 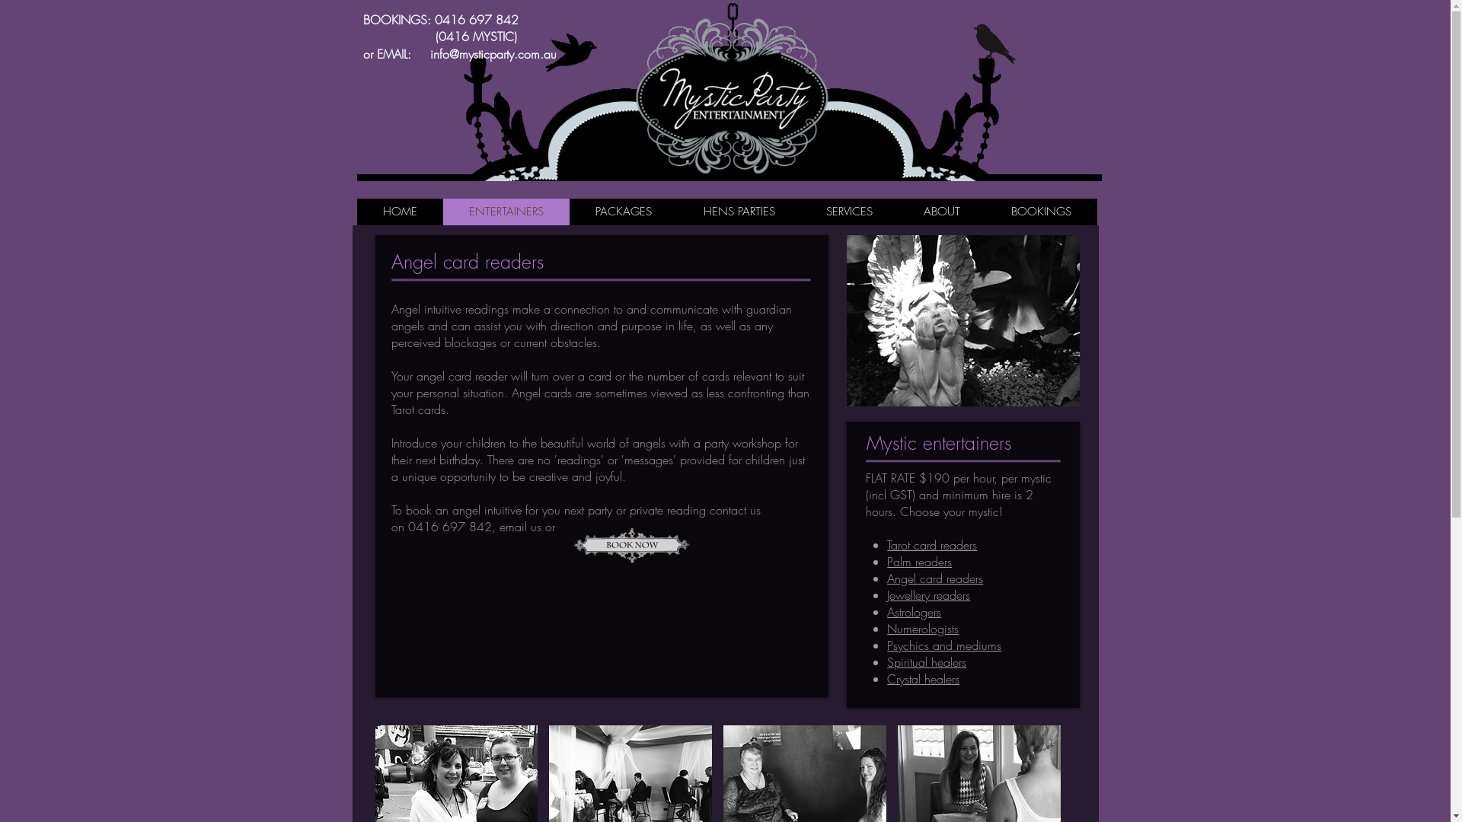 I want to click on 'angel1.png', so click(x=962, y=320).